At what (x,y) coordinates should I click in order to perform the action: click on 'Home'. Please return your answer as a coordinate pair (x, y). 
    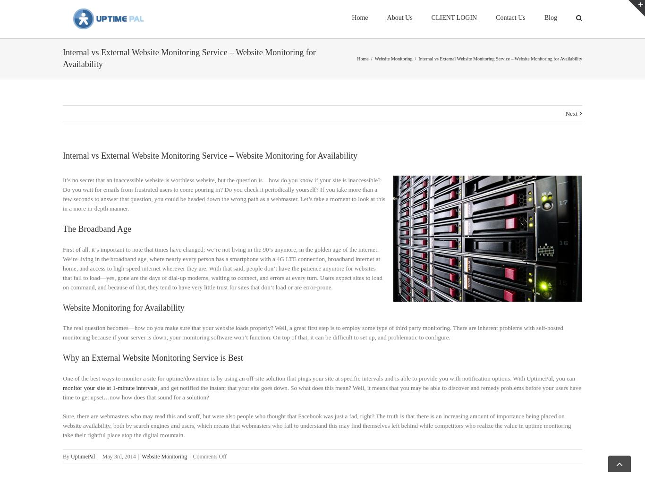
    Looking at the image, I should click on (356, 69).